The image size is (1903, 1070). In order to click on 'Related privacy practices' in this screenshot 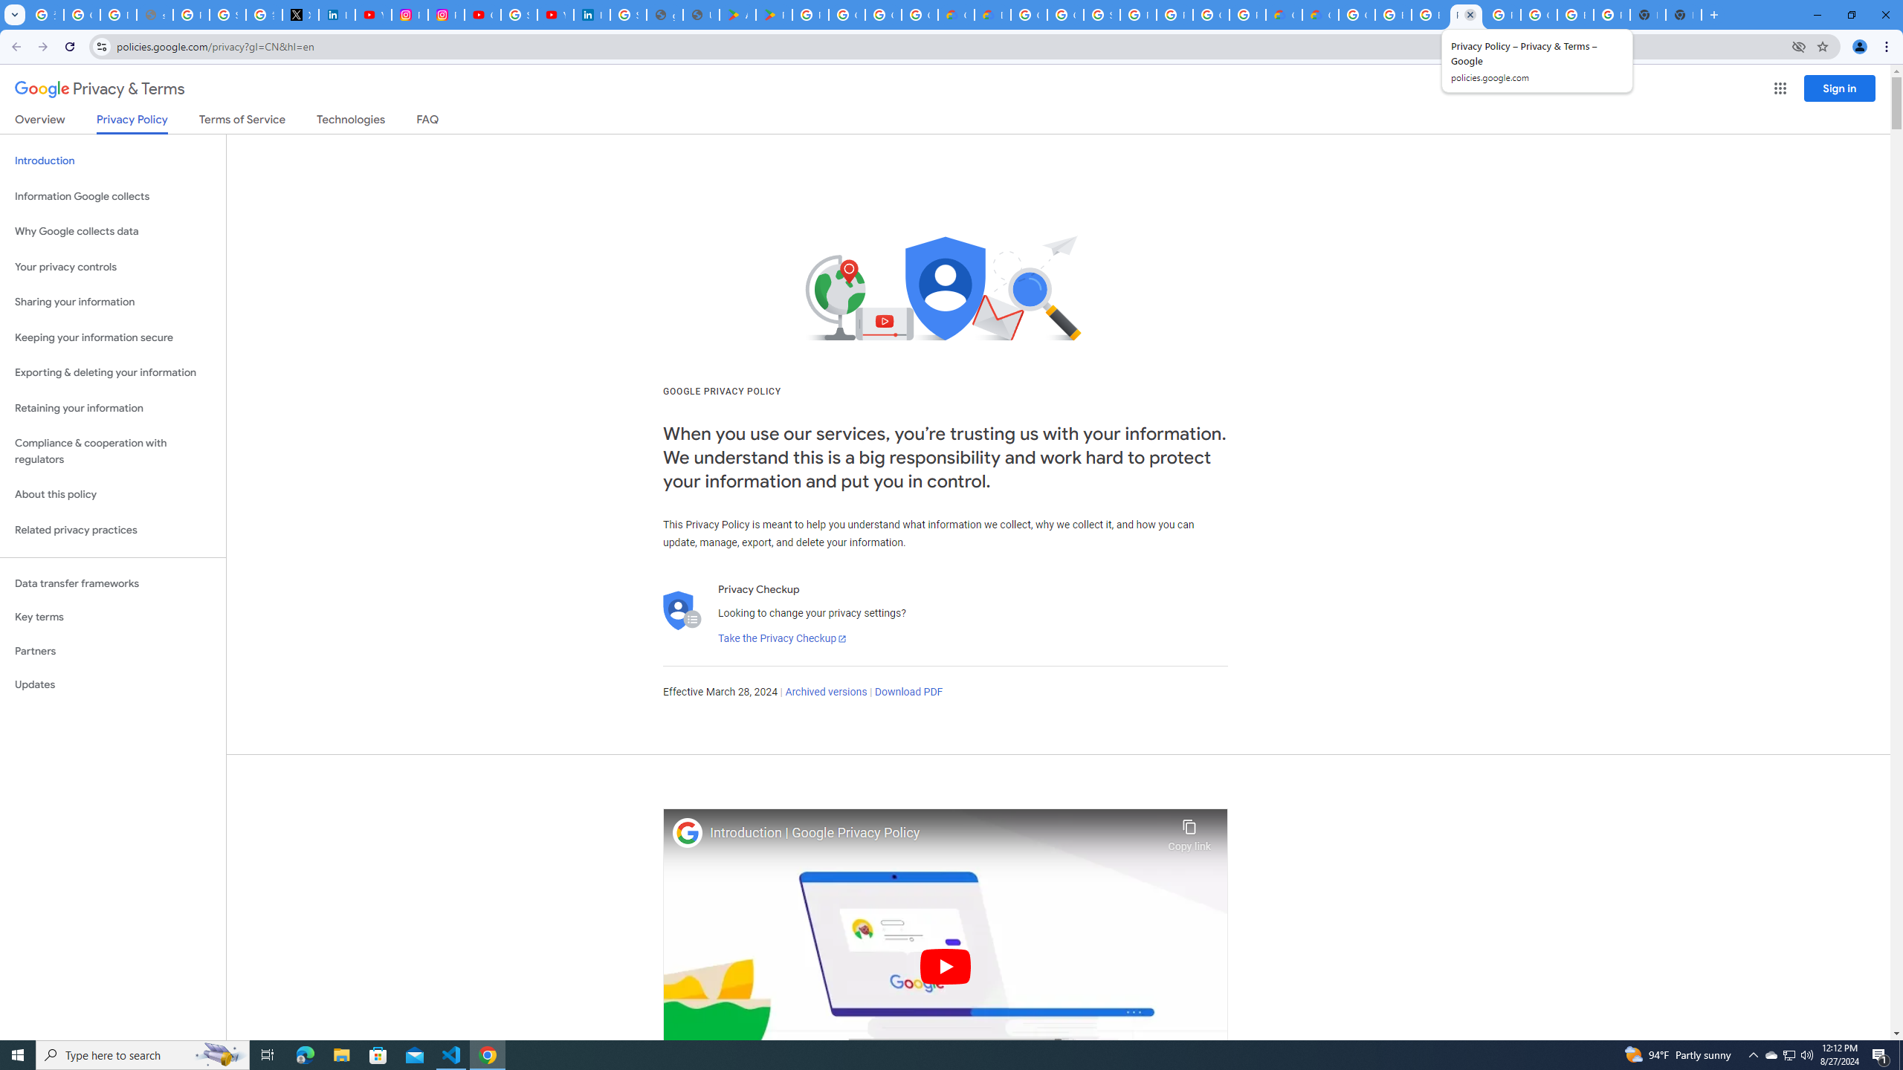, I will do `click(112, 529)`.